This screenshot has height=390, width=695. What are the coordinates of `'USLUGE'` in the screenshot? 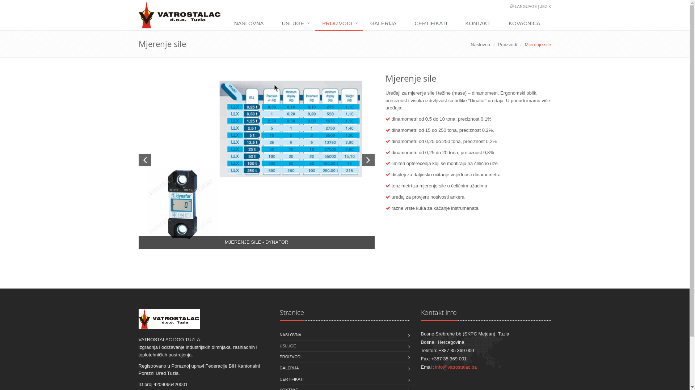 It's located at (295, 23).